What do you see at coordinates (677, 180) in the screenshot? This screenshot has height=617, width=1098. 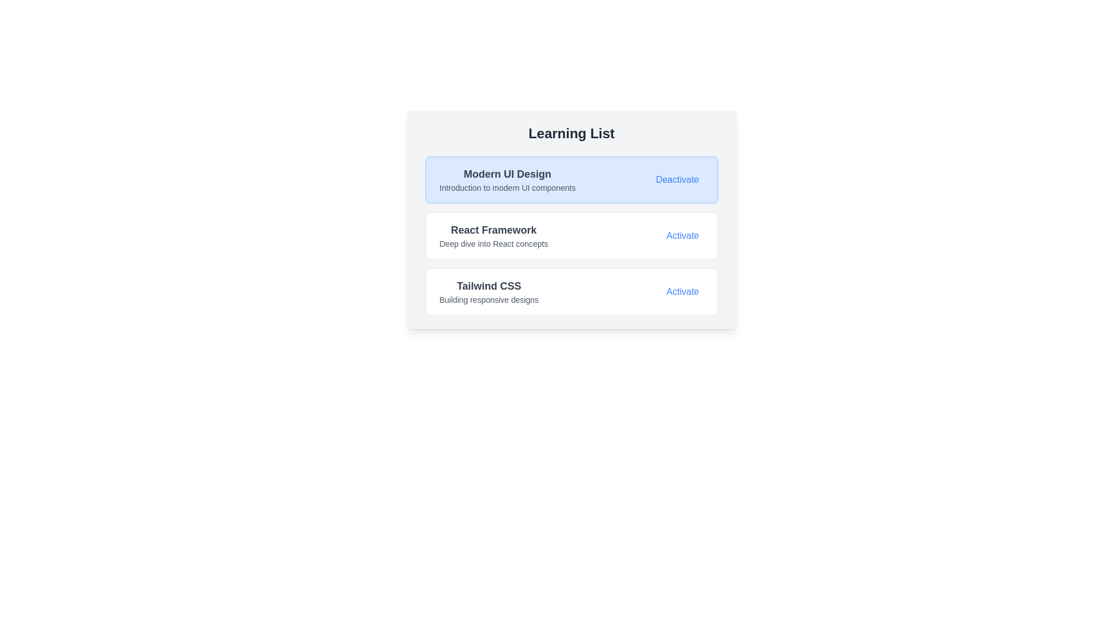 I see `the action button labeled 'Deactivate' for the item 'Modern UI Design'` at bounding box center [677, 180].